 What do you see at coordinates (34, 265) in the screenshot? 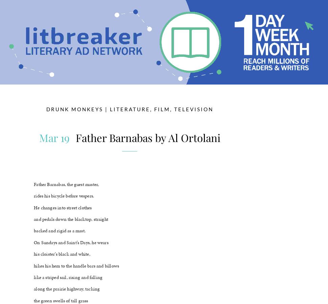
I see `'hikes his hem to the handle bars and billows'` at bounding box center [34, 265].